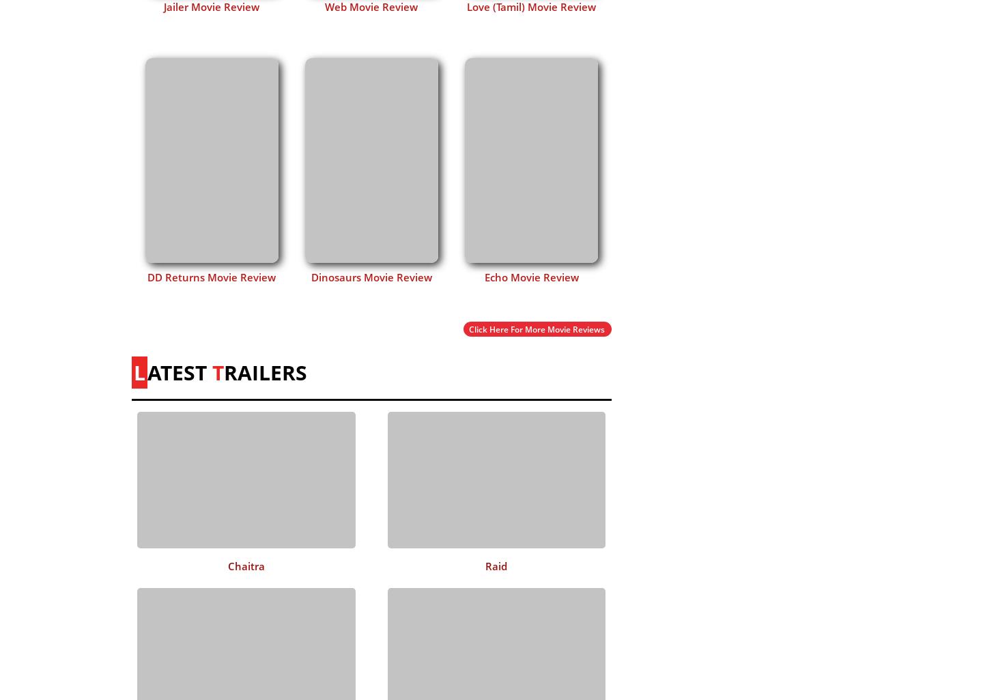 Image resolution: width=983 pixels, height=700 pixels. Describe the element at coordinates (496, 564) in the screenshot. I see `'Raid'` at that location.